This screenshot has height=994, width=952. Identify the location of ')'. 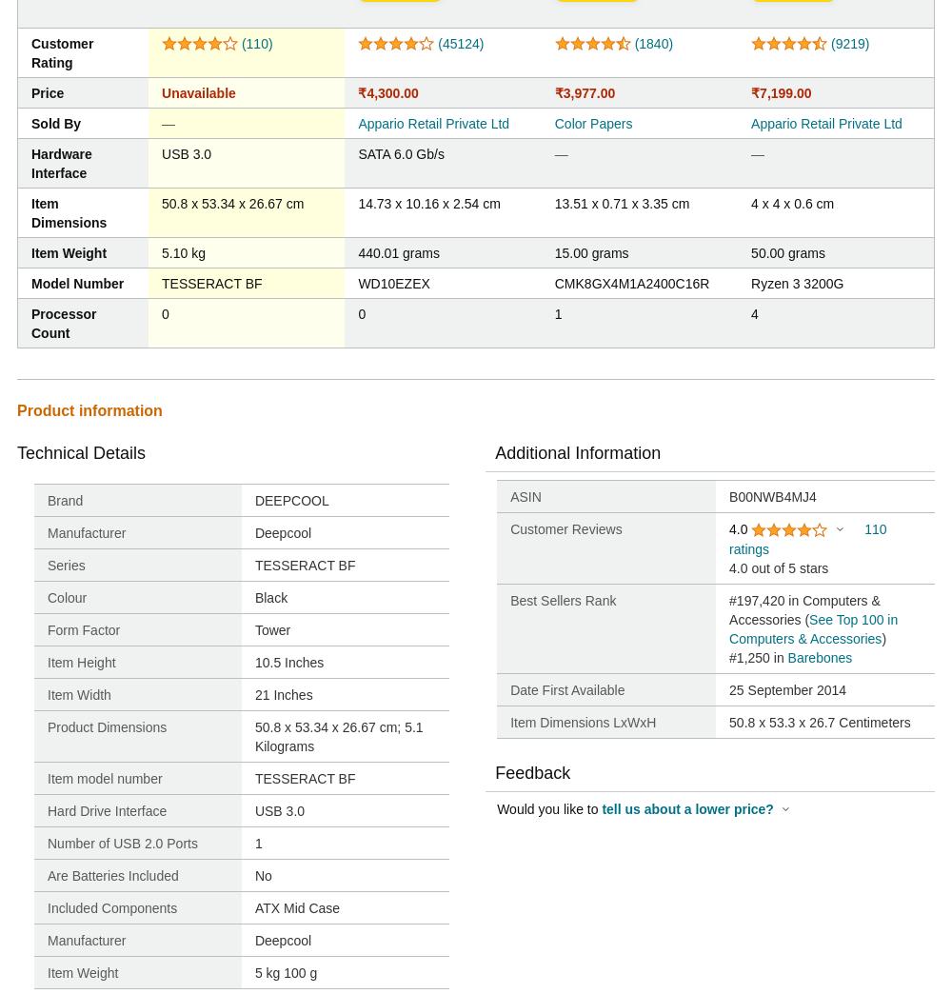
(883, 637).